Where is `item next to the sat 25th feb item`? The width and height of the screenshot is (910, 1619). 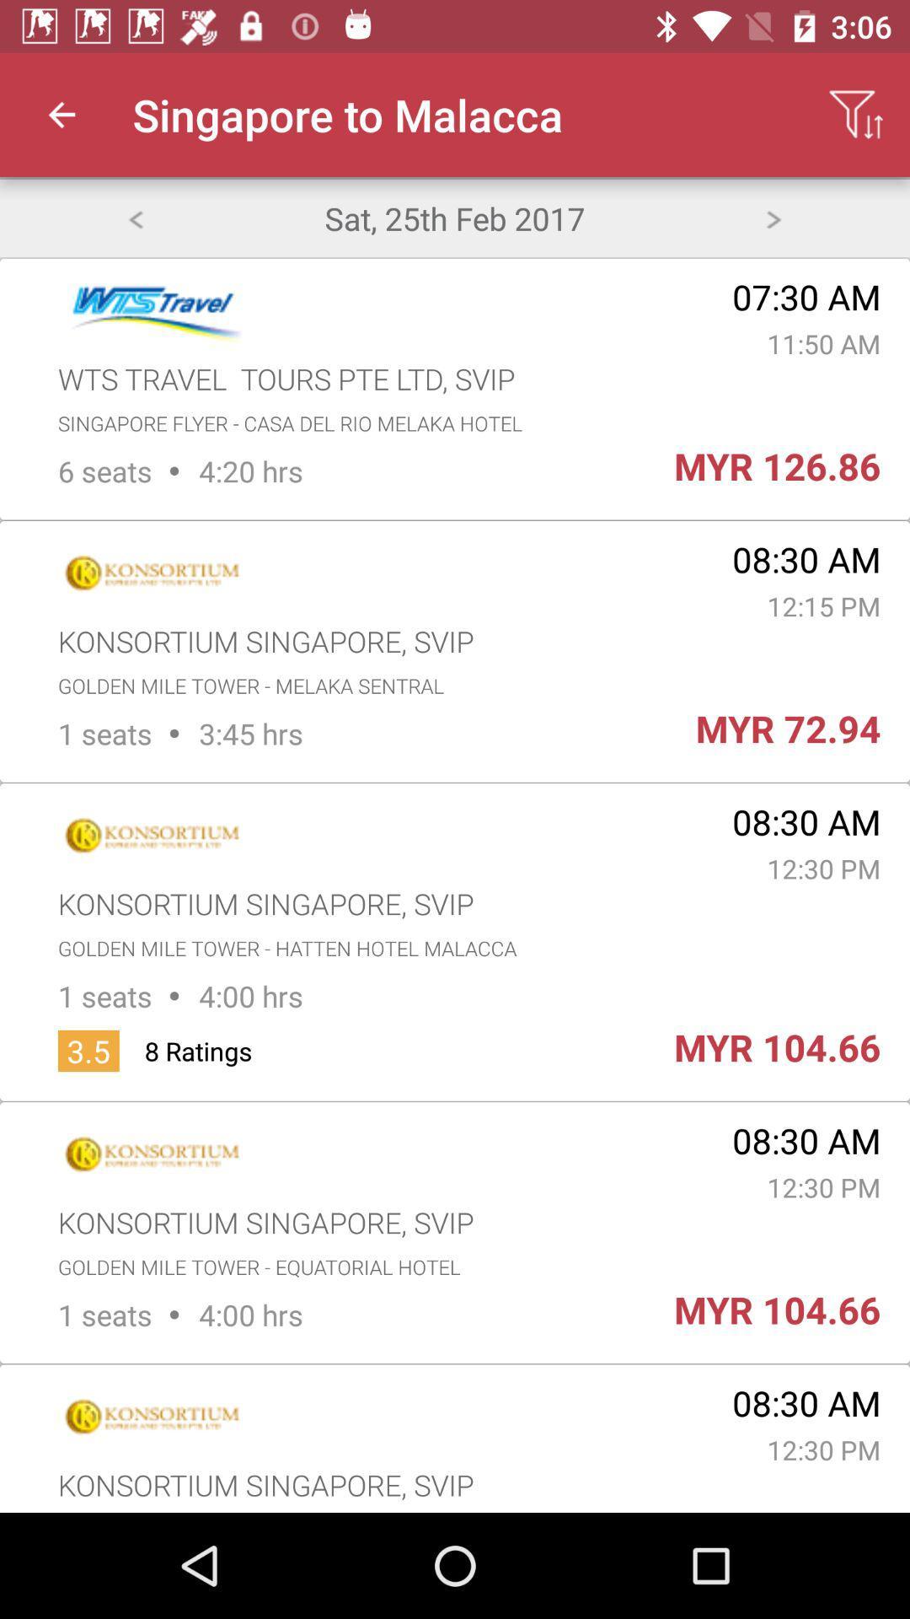
item next to the sat 25th feb item is located at coordinates (134, 217).